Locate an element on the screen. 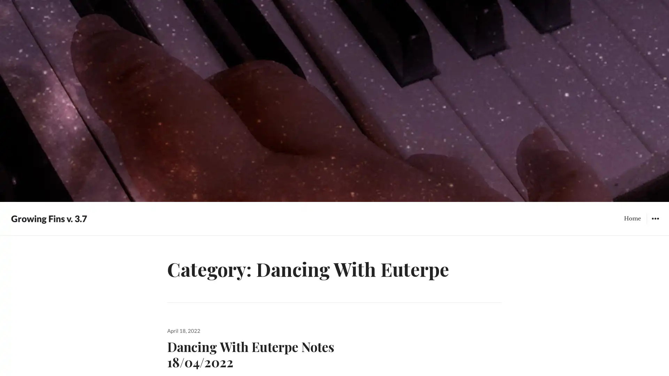 This screenshot has width=669, height=376. WIDGETS is located at coordinates (655, 218).